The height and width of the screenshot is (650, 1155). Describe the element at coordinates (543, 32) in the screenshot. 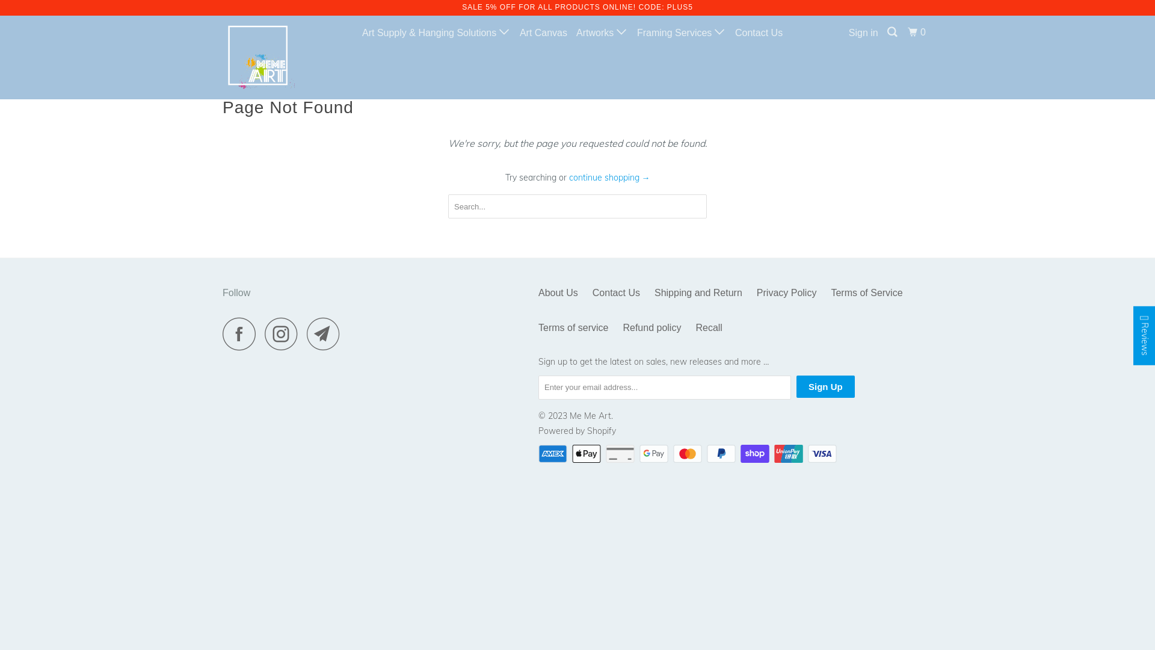

I see `'Art Canvas'` at that location.